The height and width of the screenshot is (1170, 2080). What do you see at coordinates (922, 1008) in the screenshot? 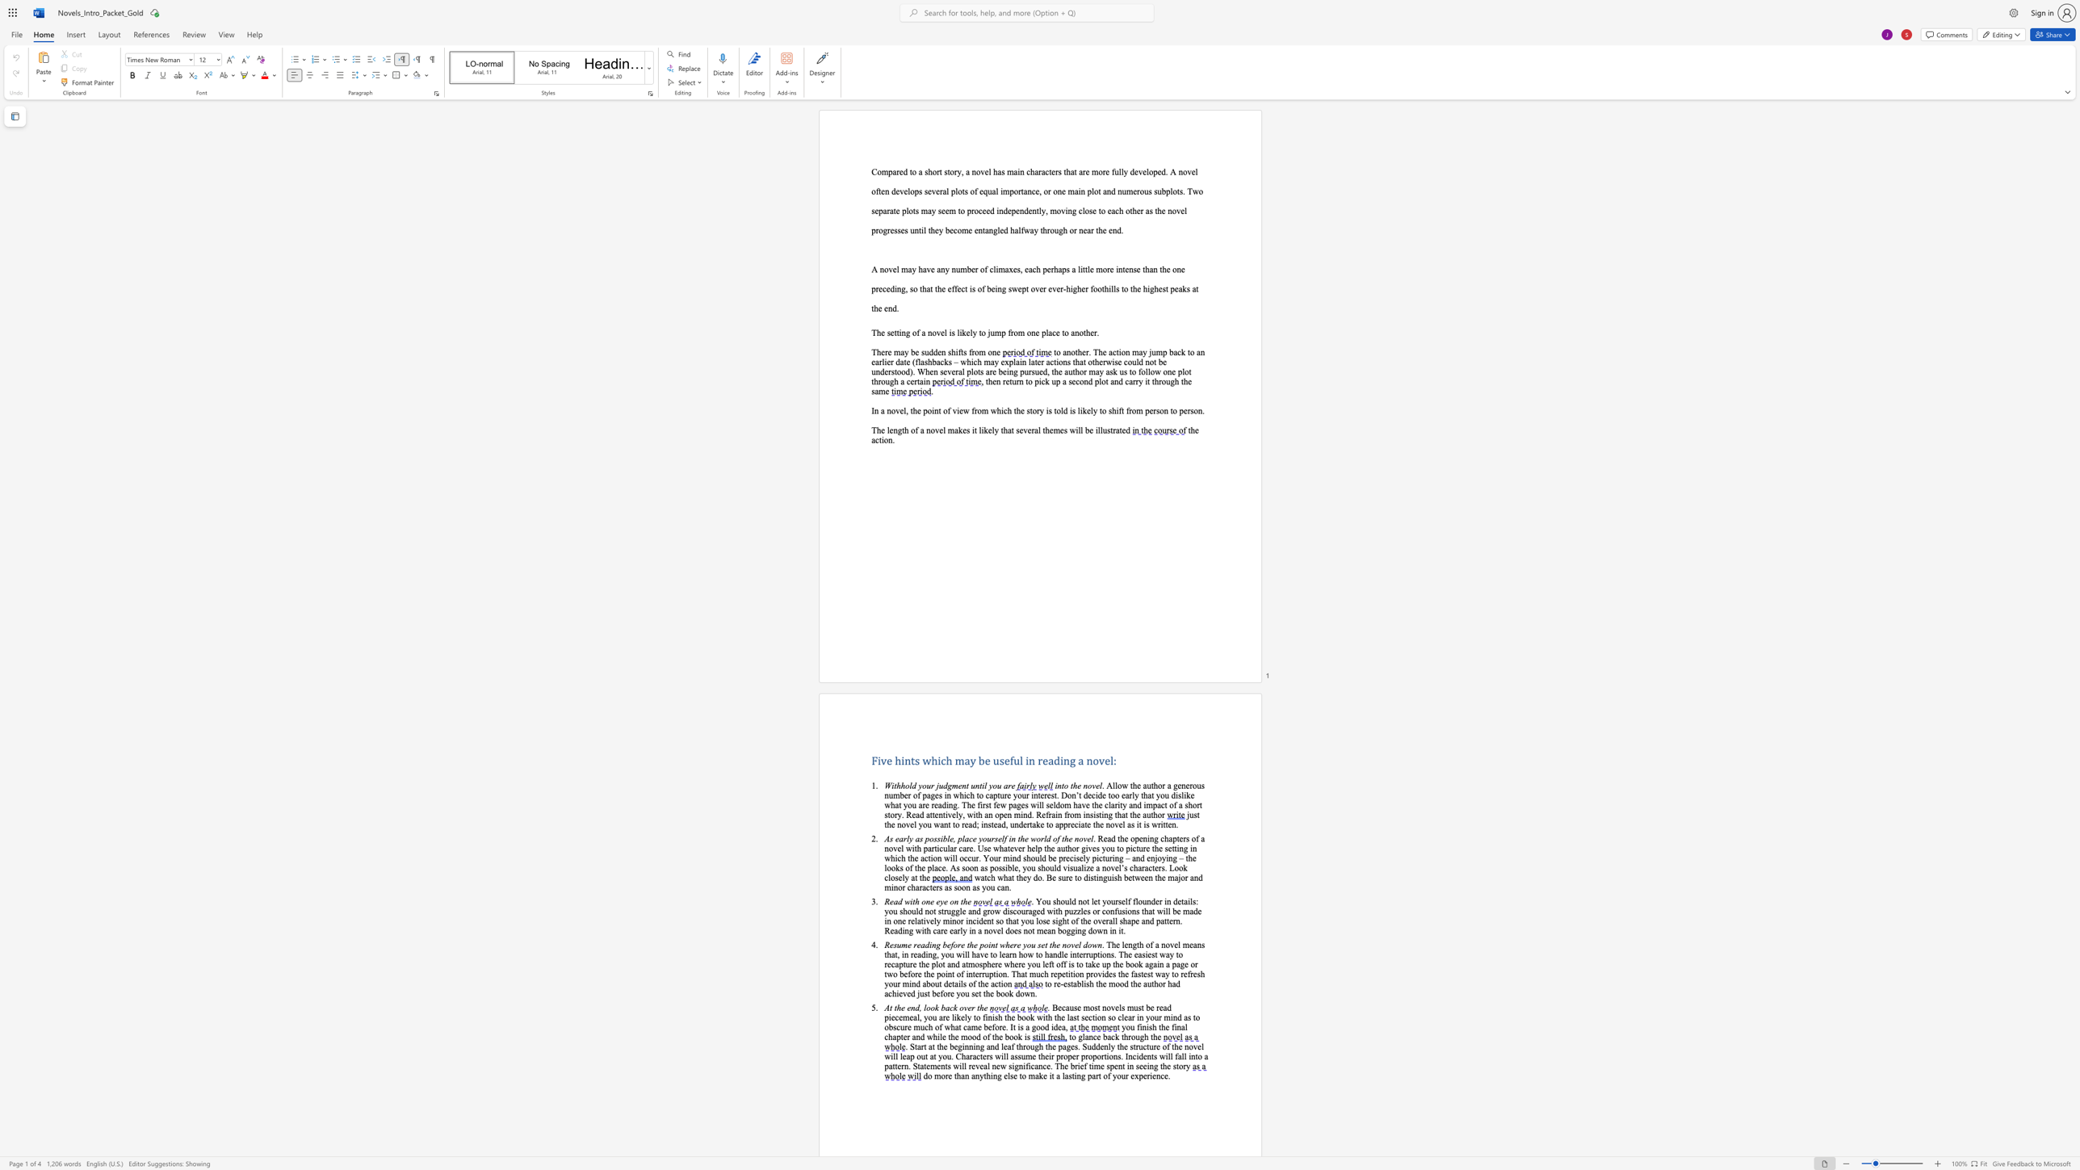
I see `the subset text "loo" within the text "At the end, look back over the"` at bounding box center [922, 1008].